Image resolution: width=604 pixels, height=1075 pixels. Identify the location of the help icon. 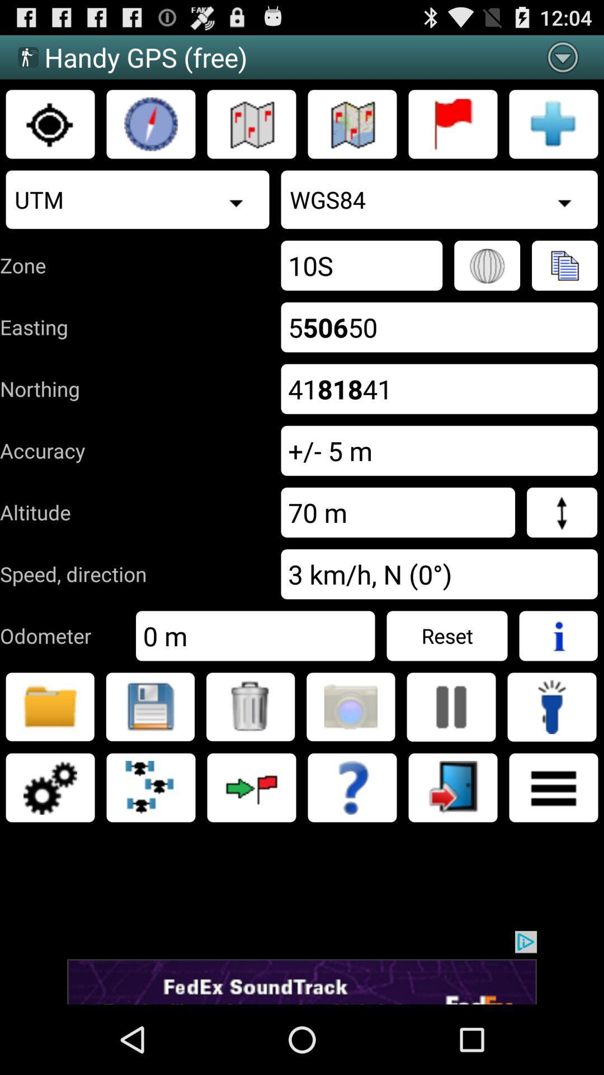
(351, 843).